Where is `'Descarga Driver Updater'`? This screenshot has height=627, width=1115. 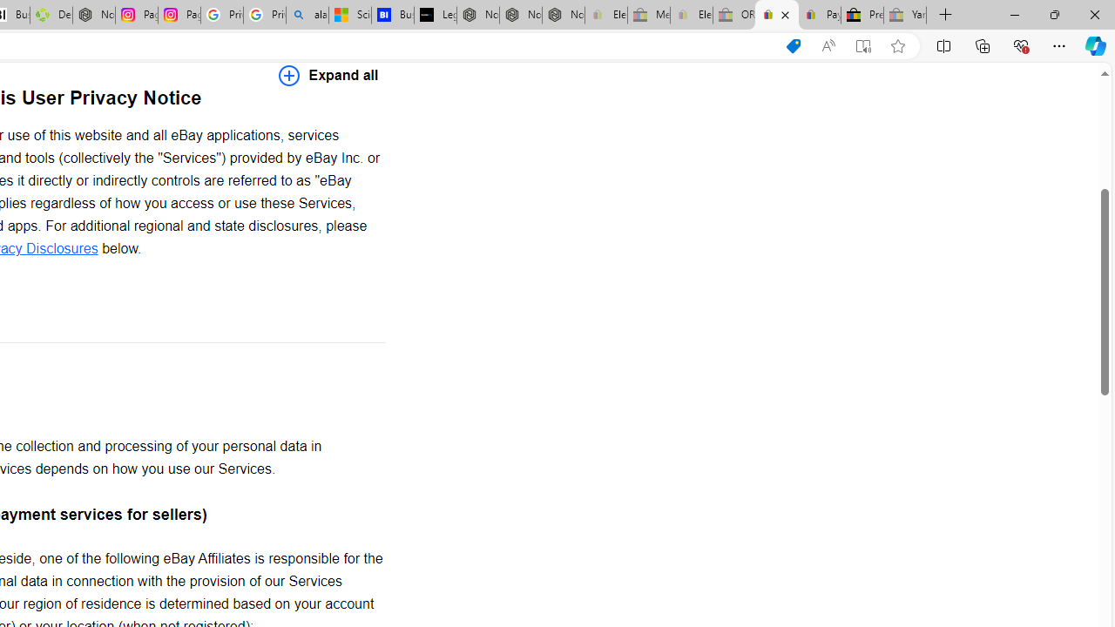
'Descarga Driver Updater' is located at coordinates (51, 15).